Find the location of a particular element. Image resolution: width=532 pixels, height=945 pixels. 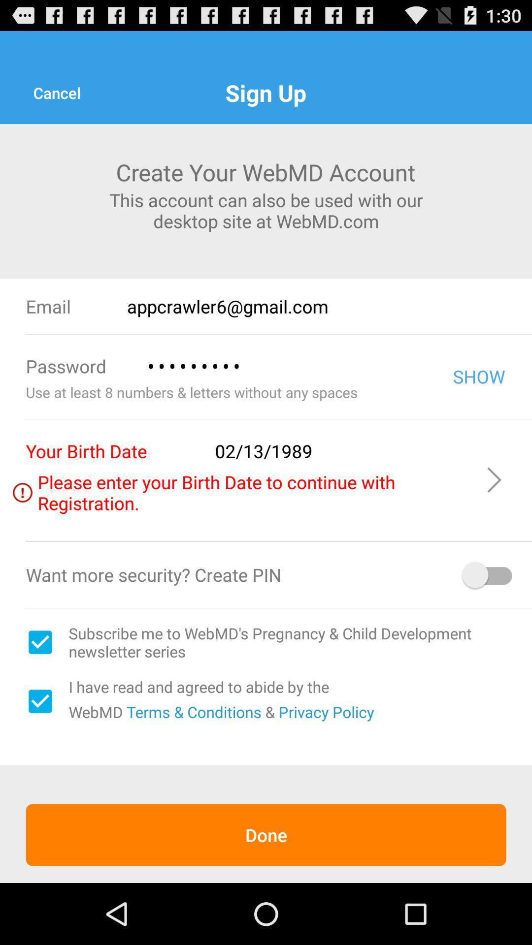

the item above done item is located at coordinates (192, 712).